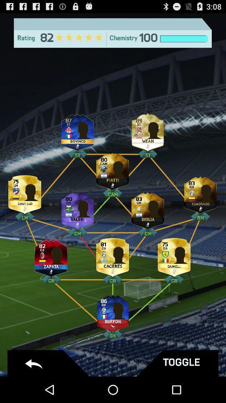  Describe the element at coordinates (77, 131) in the screenshot. I see `change player` at that location.